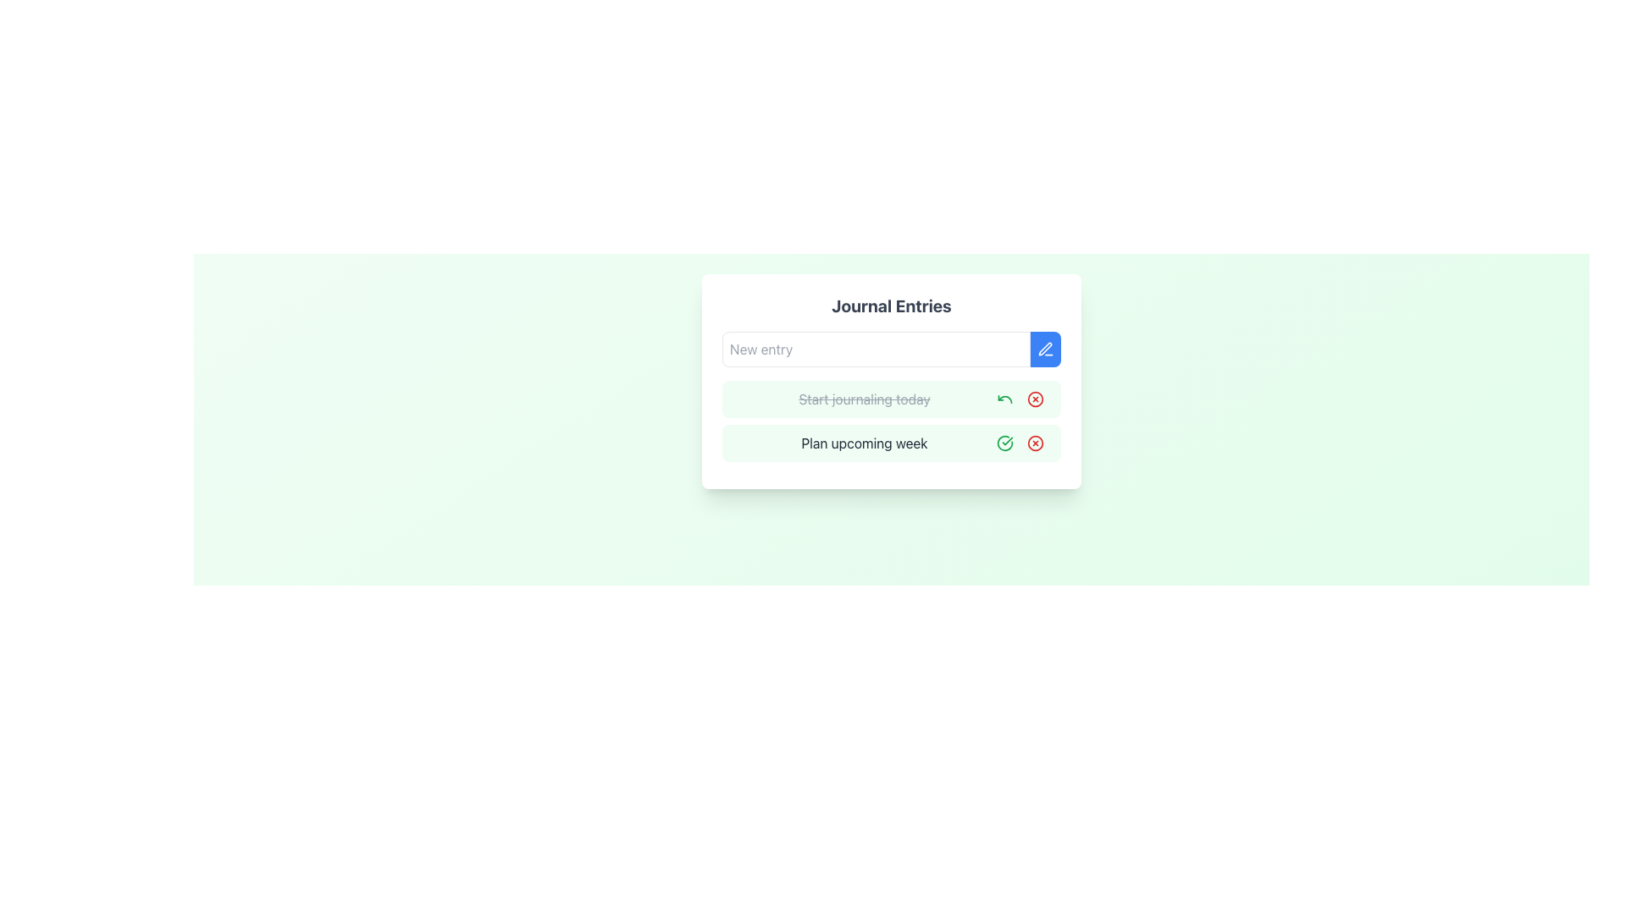 Image resolution: width=1626 pixels, height=914 pixels. I want to click on the button that contains the icon for editing or creating a new journal entry, located in the 'New entry' row of the 'Journal Entries' card, so click(1044, 348).